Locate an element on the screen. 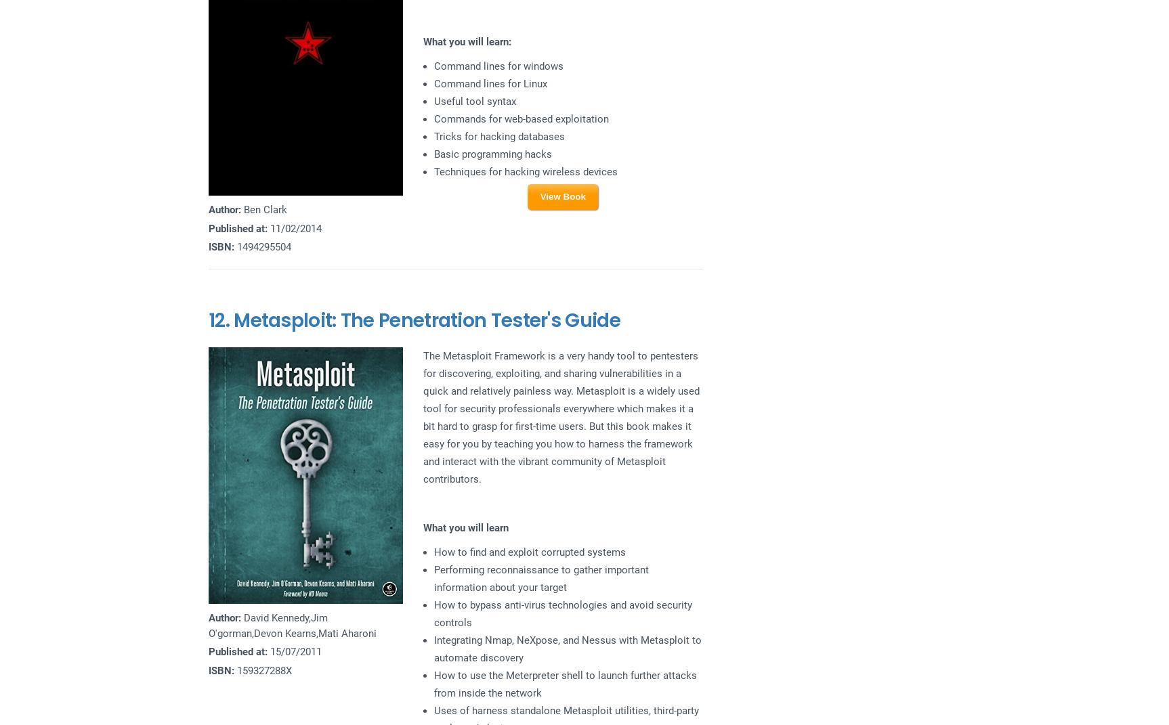 Image resolution: width=1169 pixels, height=725 pixels. 'How to bypass anti-virus technologies and avoid security controls' is located at coordinates (561, 613).